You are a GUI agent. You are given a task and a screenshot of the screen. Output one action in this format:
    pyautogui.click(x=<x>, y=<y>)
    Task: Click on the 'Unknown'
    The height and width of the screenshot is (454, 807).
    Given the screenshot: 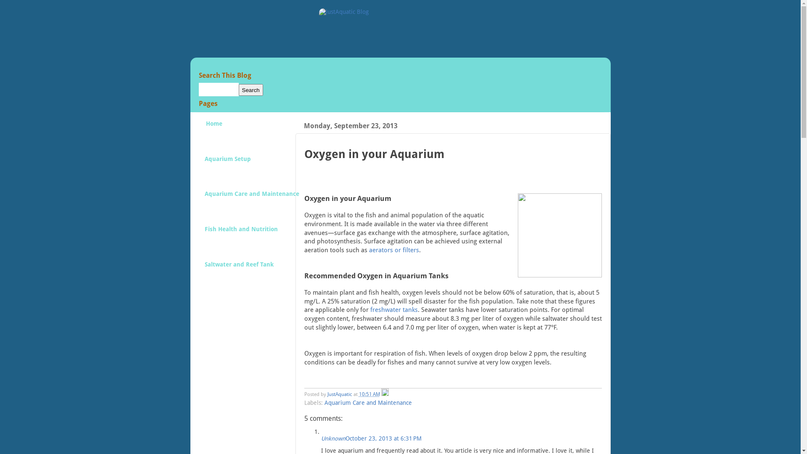 What is the action you would take?
    pyautogui.click(x=332, y=438)
    